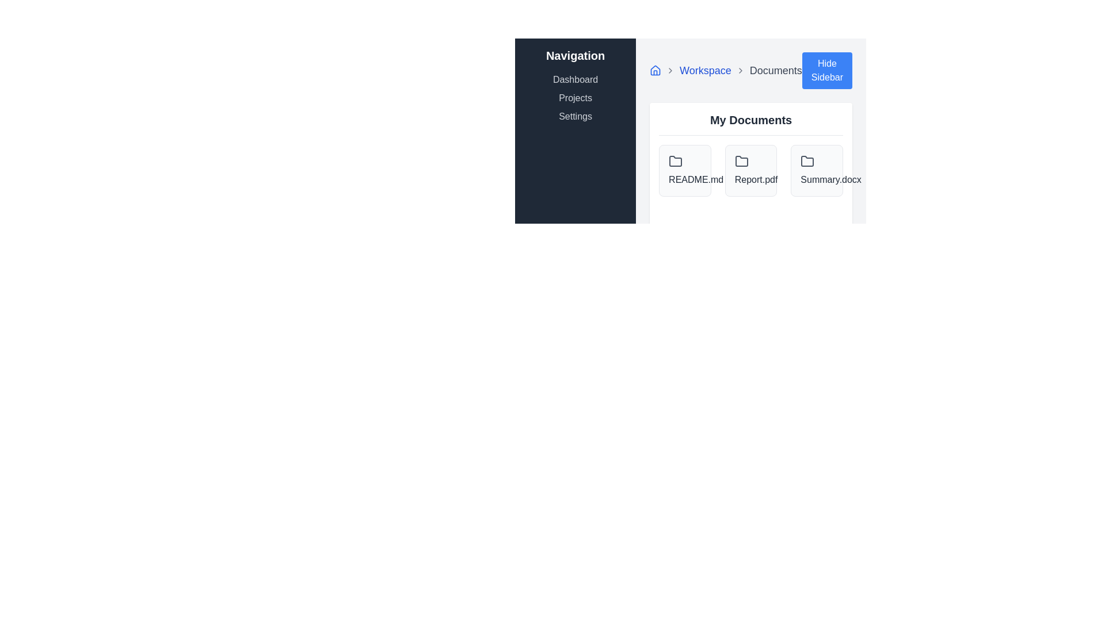  I want to click on the Text label displaying the document name 'README.md', located at the bottom center of the first card in the 'My Documents' section, below the folder icon, so click(685, 179).